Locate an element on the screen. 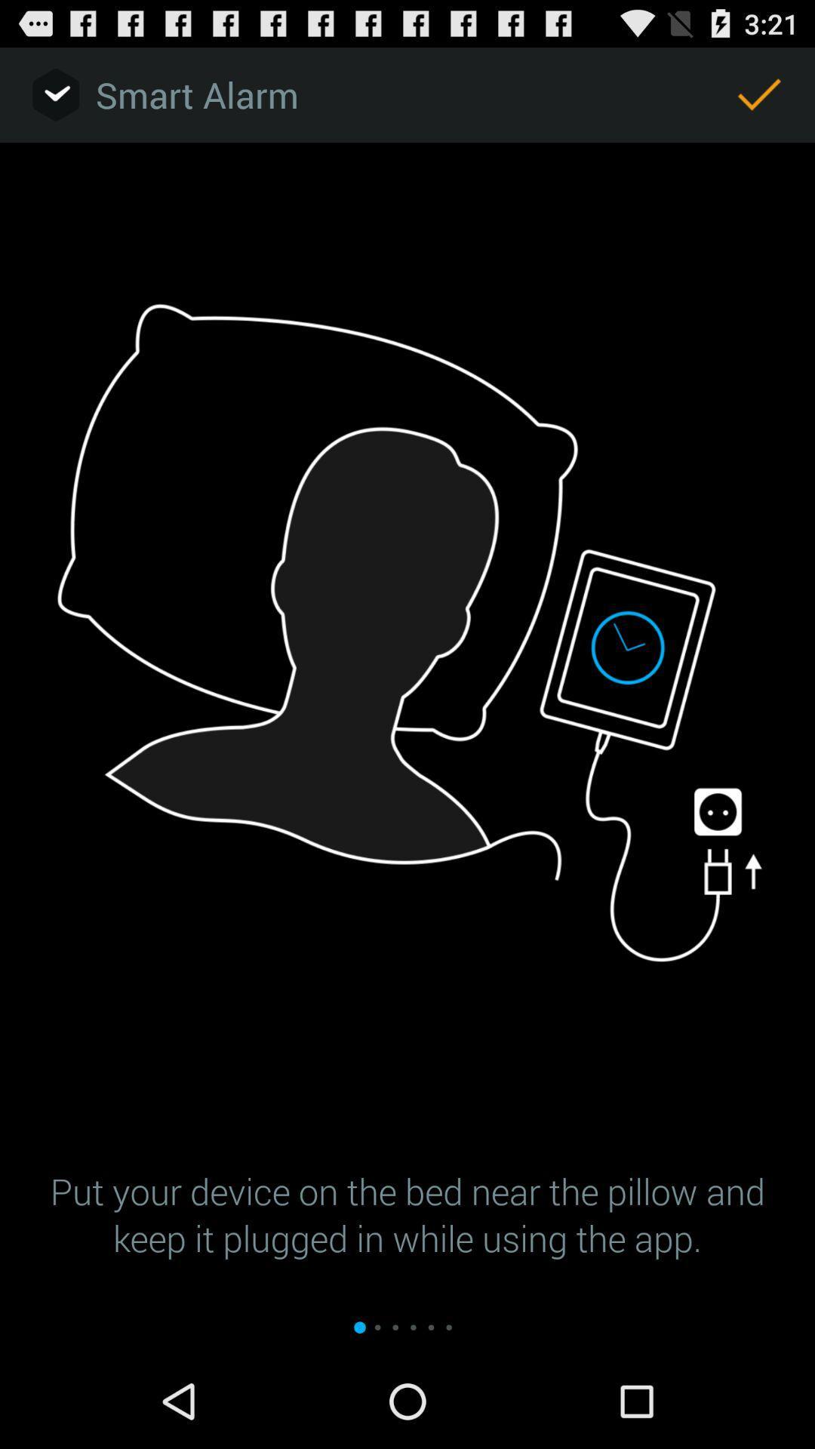 The image size is (815, 1449). item to the right of smart alarm is located at coordinates (759, 94).